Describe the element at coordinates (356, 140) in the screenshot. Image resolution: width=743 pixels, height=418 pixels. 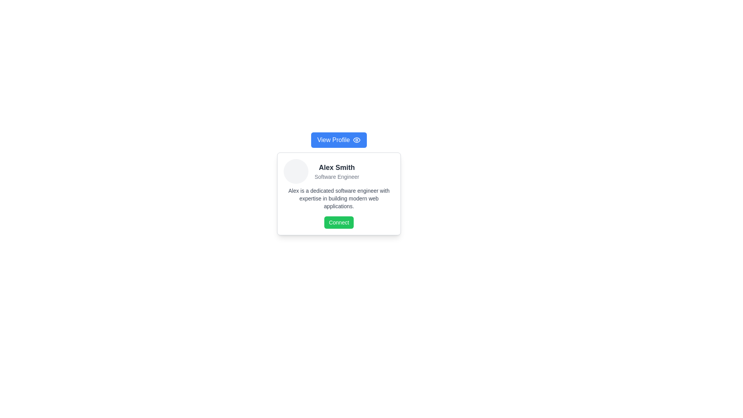
I see `the eye icon that is styled in blue and located to the right of the 'View Profile' button` at that location.